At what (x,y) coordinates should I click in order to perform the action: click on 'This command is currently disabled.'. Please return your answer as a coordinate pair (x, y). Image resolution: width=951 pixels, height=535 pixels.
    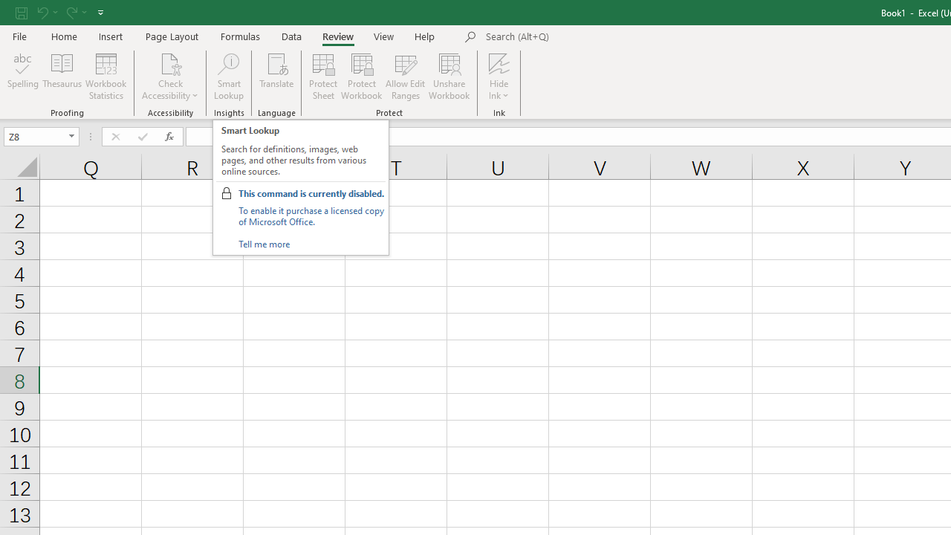
    Looking at the image, I should click on (310, 192).